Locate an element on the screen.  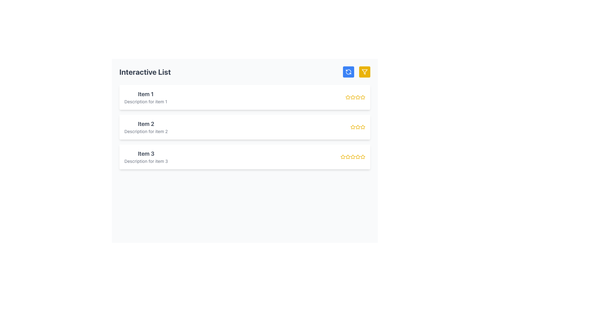
the yellow star outline rating icon located in the fourth slot of the rating component, positioned on the right side of Item 3 is located at coordinates (353, 156).